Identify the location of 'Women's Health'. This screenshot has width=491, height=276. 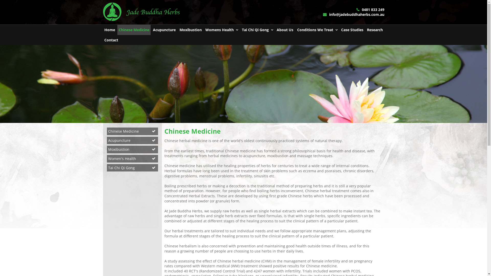
(132, 158).